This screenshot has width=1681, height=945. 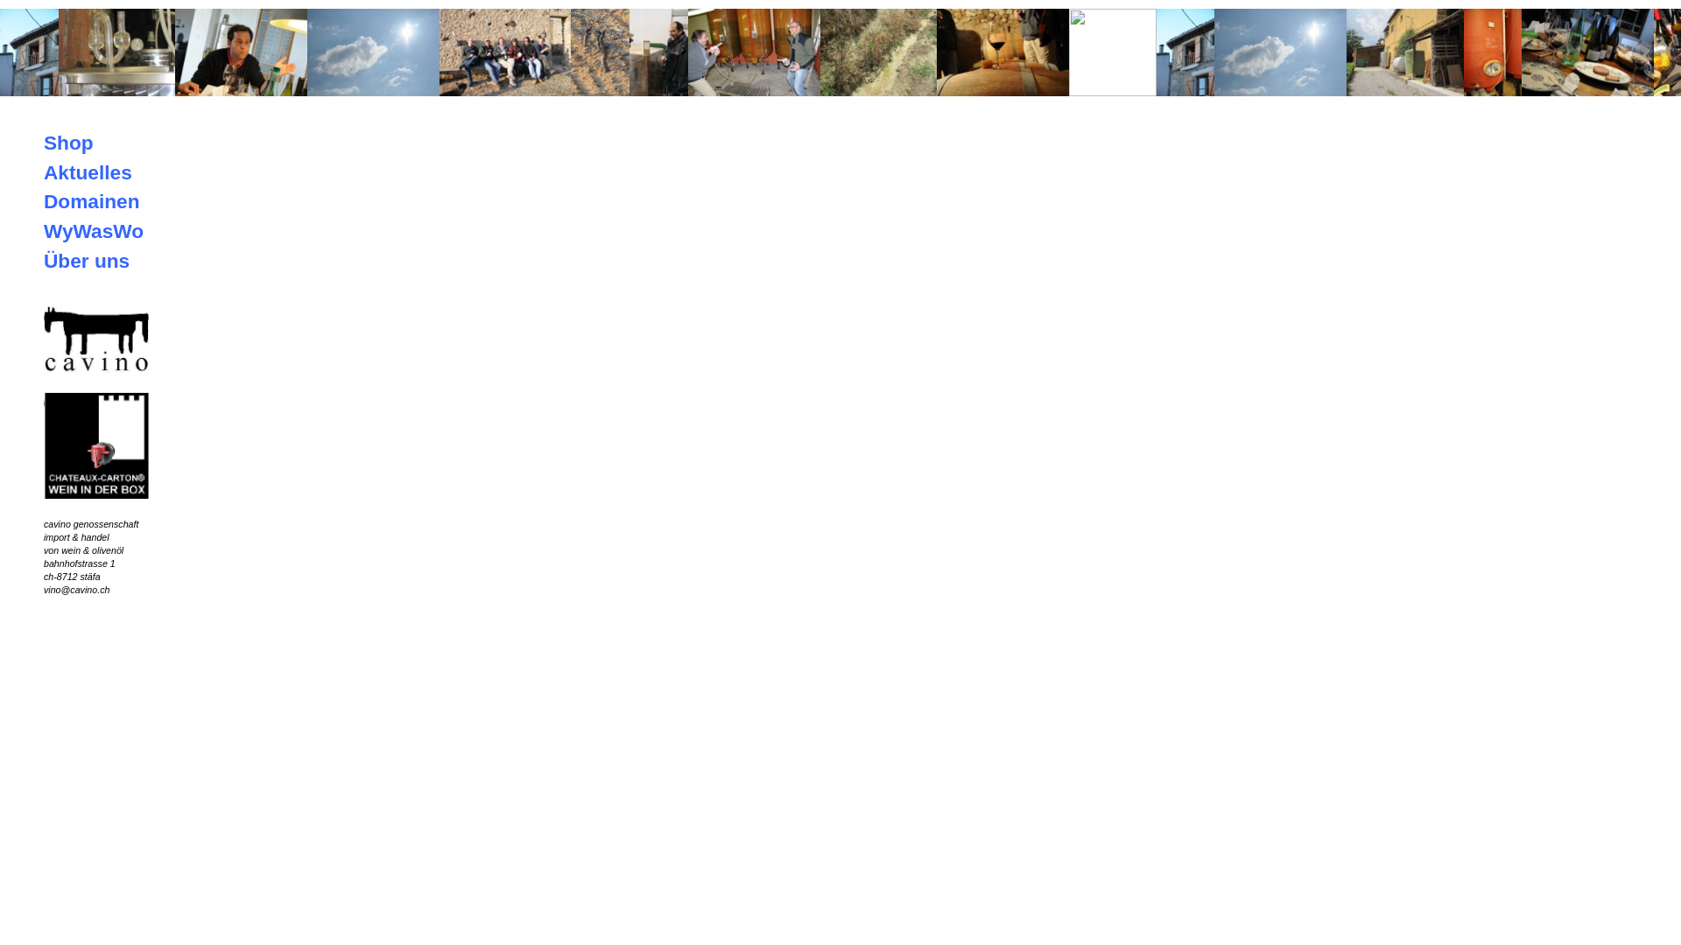 I want to click on 'Aktuelles', so click(x=87, y=171).